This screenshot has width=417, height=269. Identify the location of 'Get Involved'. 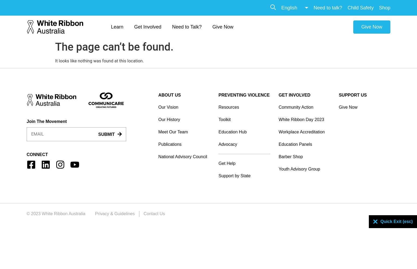
(134, 26).